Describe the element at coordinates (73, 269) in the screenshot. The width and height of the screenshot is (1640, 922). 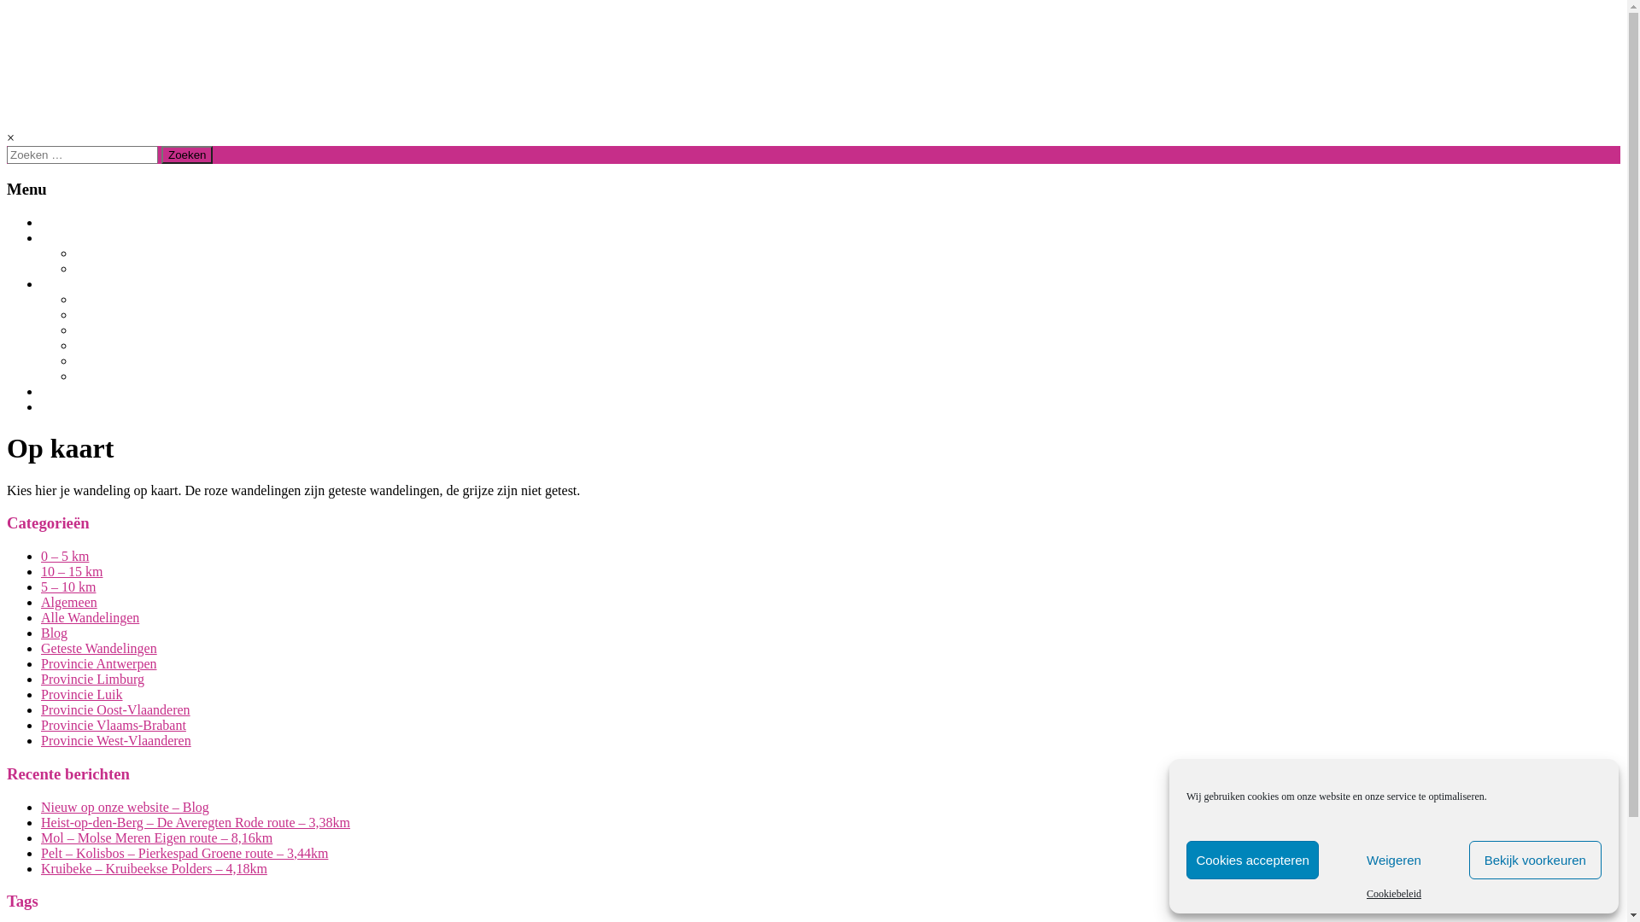
I see `'GETESTE WANDELINGEN'` at that location.